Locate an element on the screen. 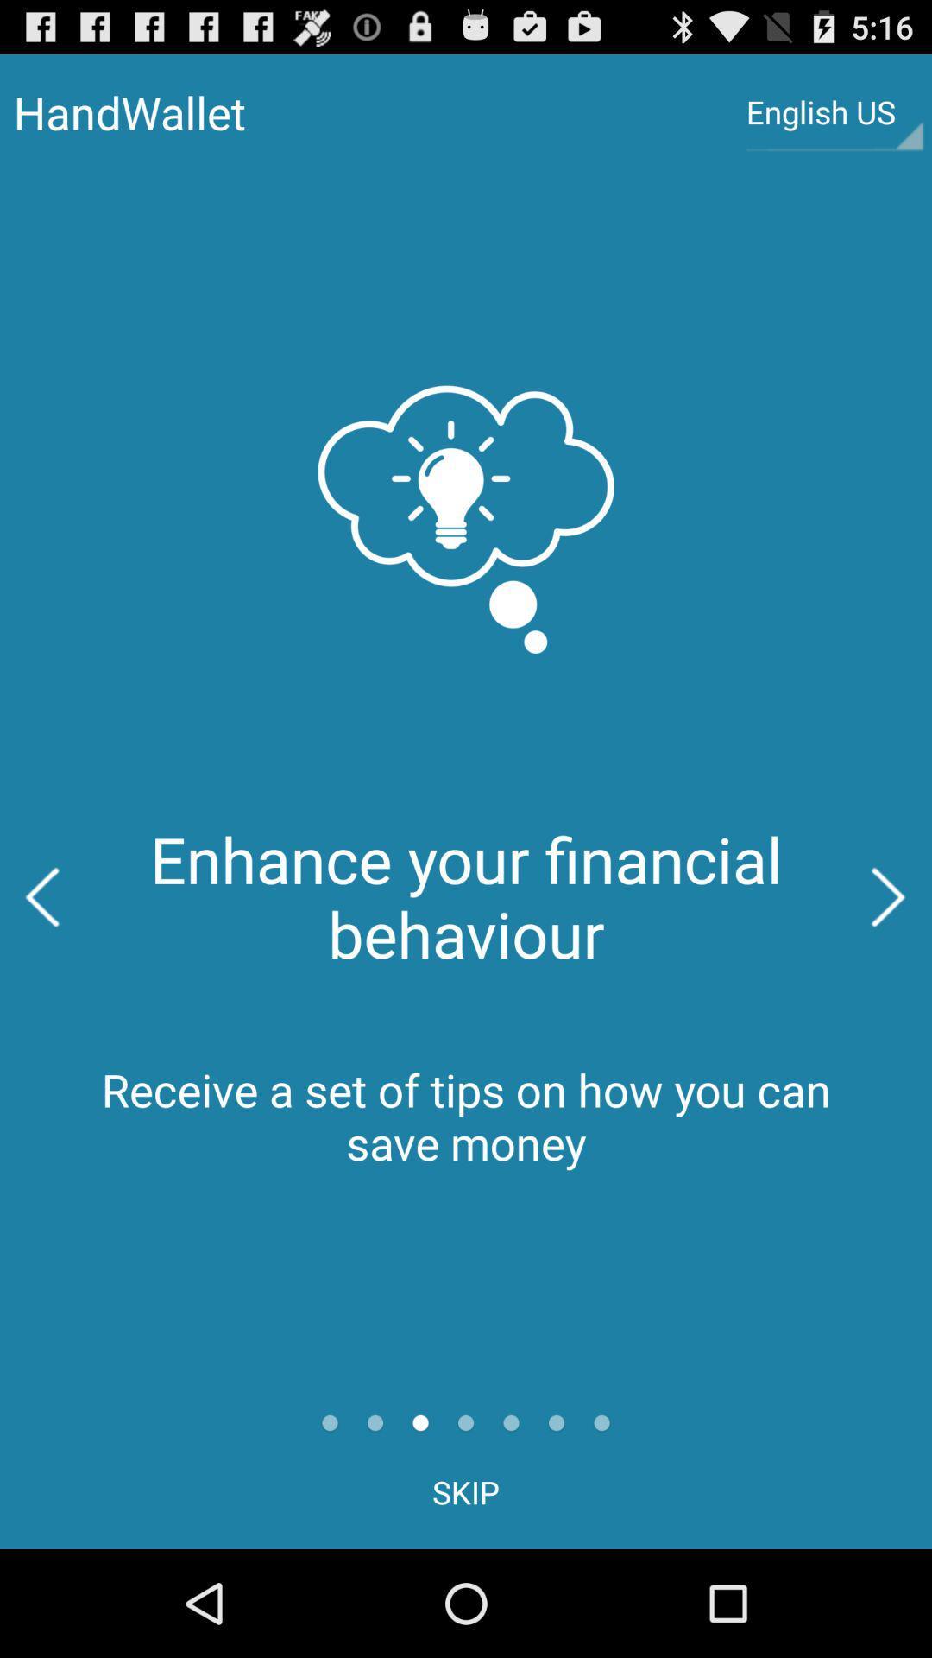 The width and height of the screenshot is (932, 1658). the english us is located at coordinates (834, 111).